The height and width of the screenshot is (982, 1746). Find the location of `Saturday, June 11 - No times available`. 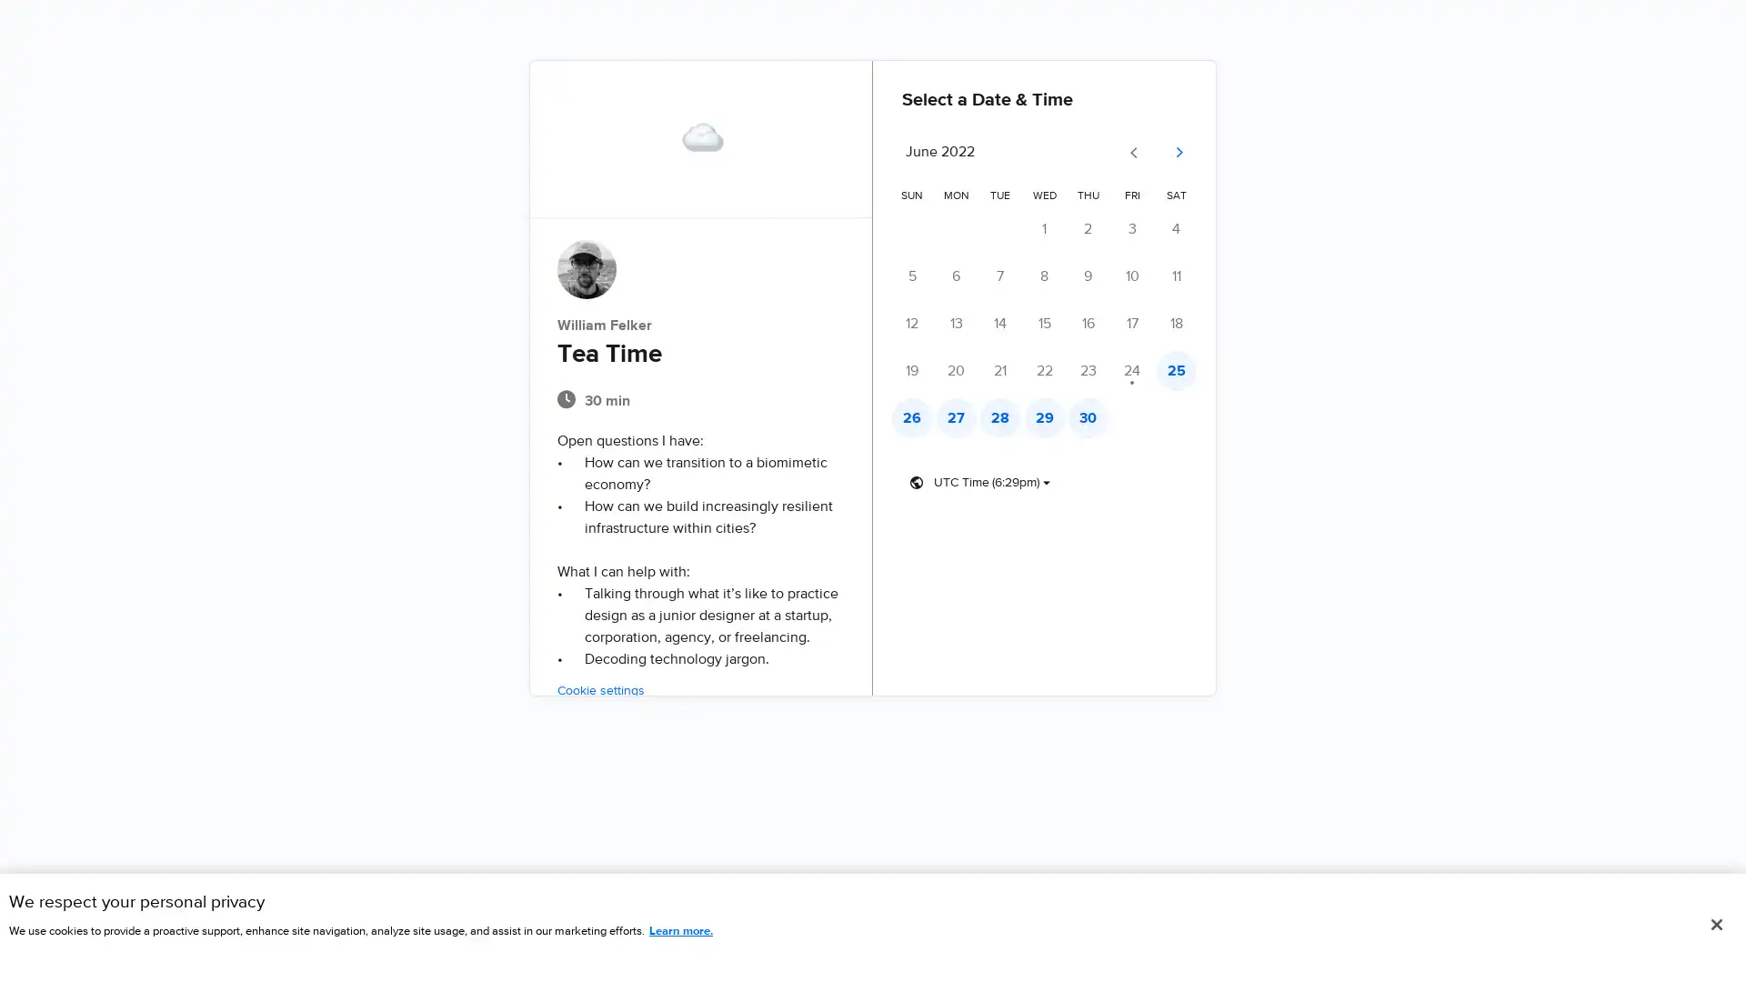

Saturday, June 11 - No times available is located at coordinates (1195, 276).